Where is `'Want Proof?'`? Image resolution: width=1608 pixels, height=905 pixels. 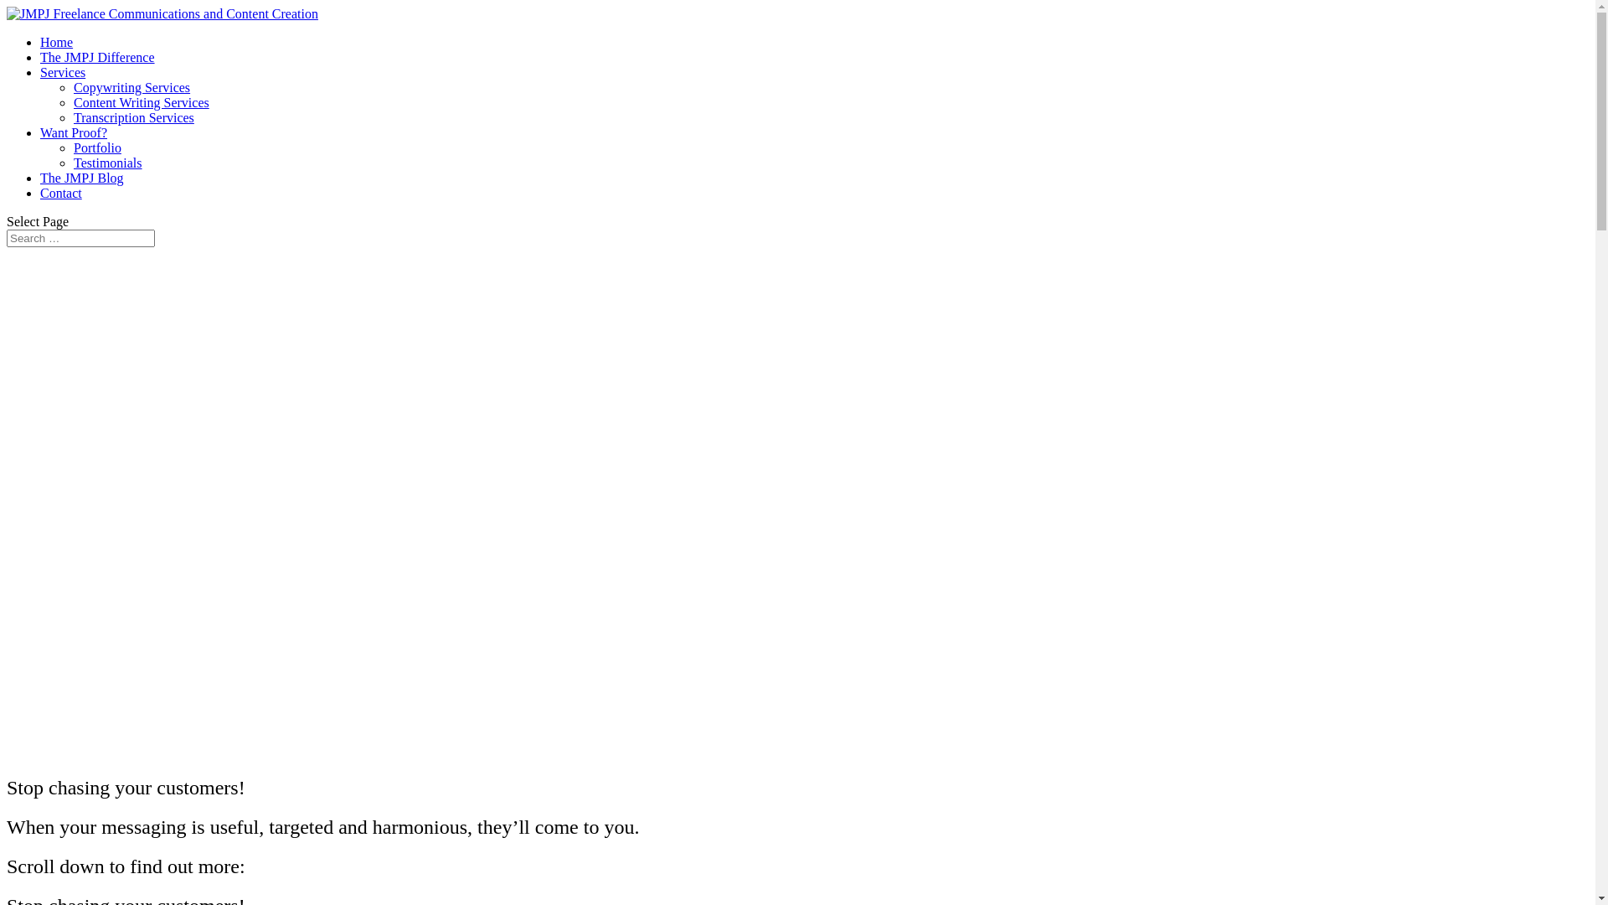 'Want Proof?' is located at coordinates (72, 132).